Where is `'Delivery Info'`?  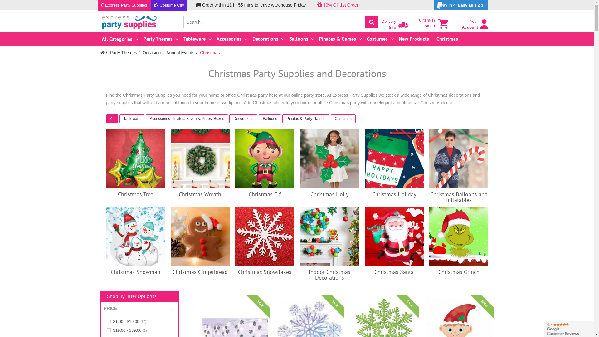 'Delivery Info' is located at coordinates (403, 25).